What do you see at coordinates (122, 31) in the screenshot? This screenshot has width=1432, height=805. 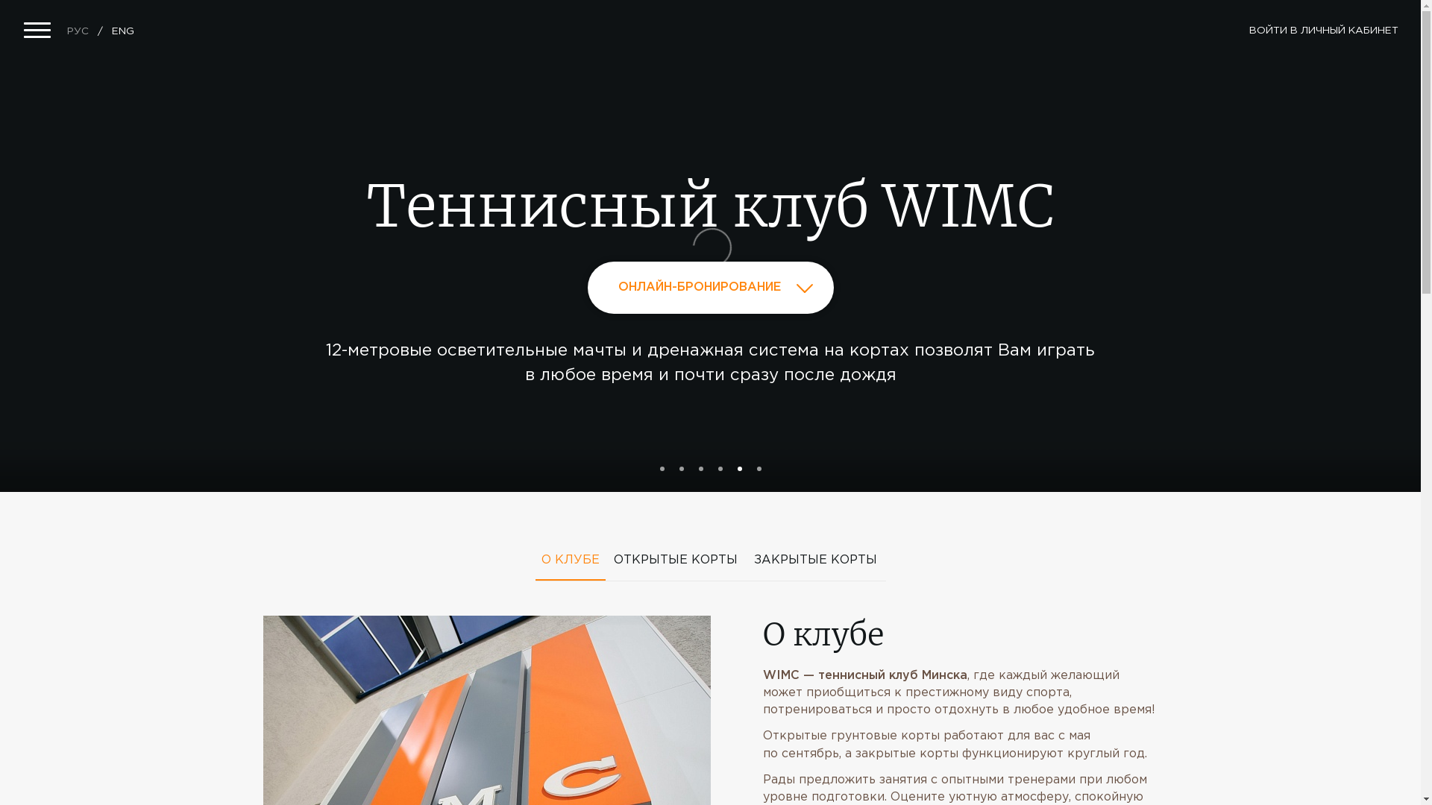 I see `'ENG'` at bounding box center [122, 31].